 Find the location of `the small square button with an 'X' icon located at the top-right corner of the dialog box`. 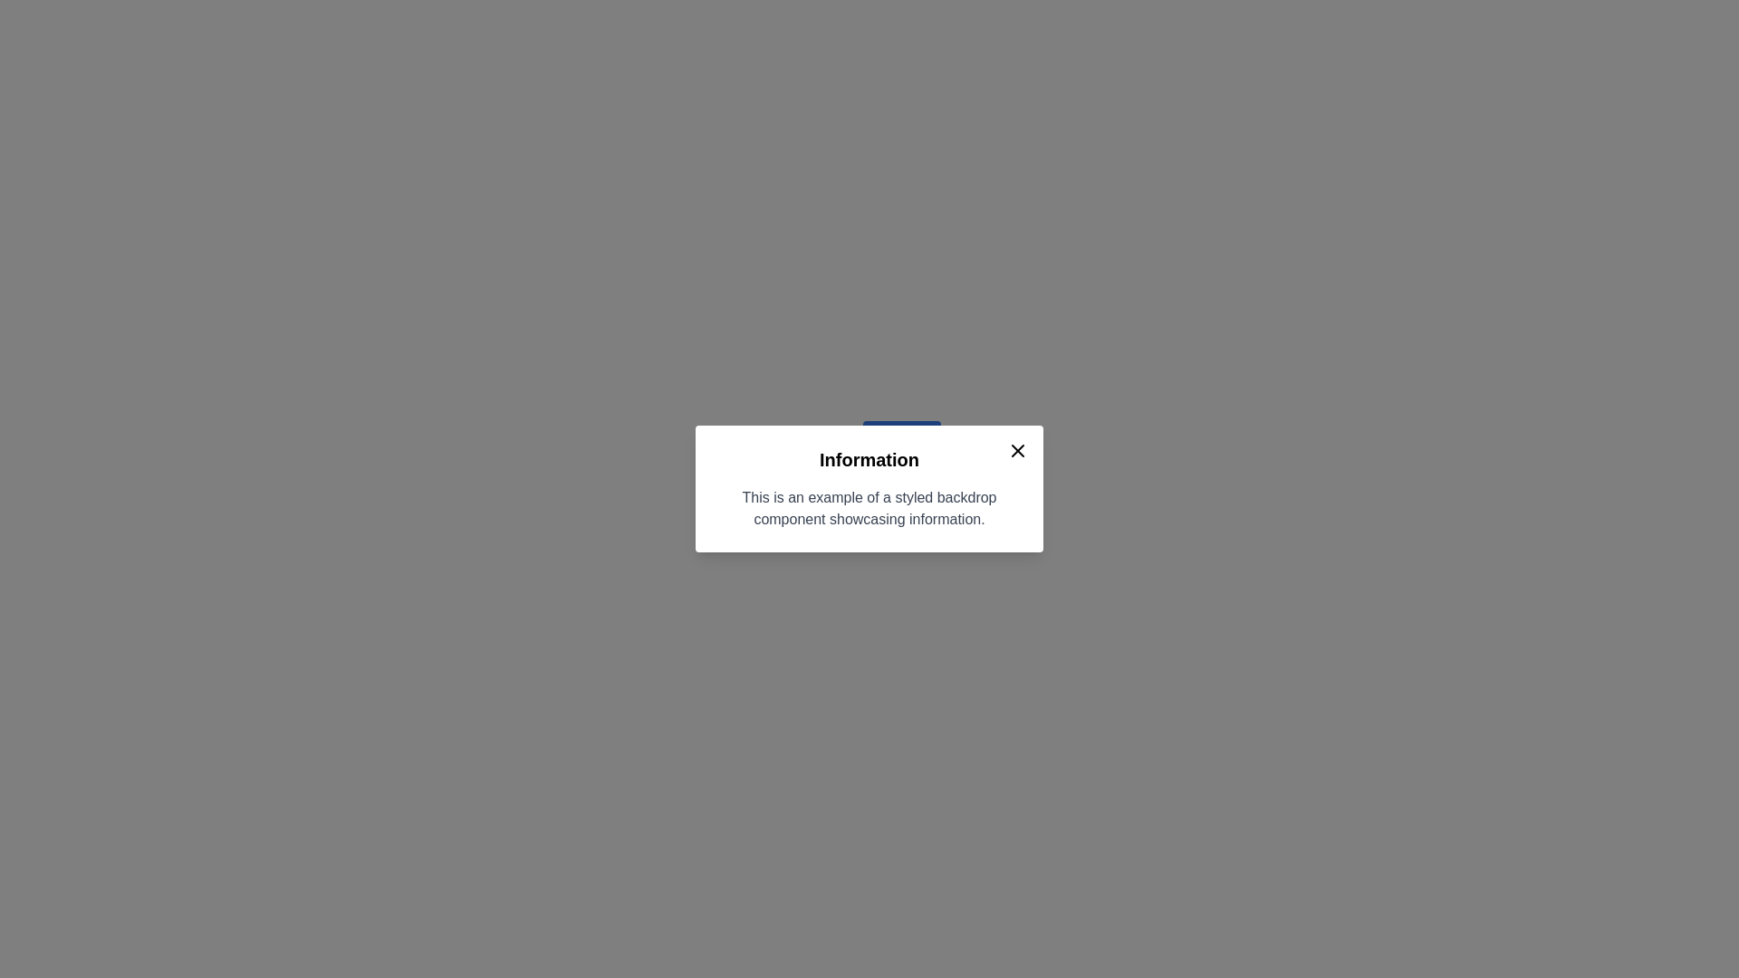

the small square button with an 'X' icon located at the top-right corner of the dialog box is located at coordinates (1017, 449).